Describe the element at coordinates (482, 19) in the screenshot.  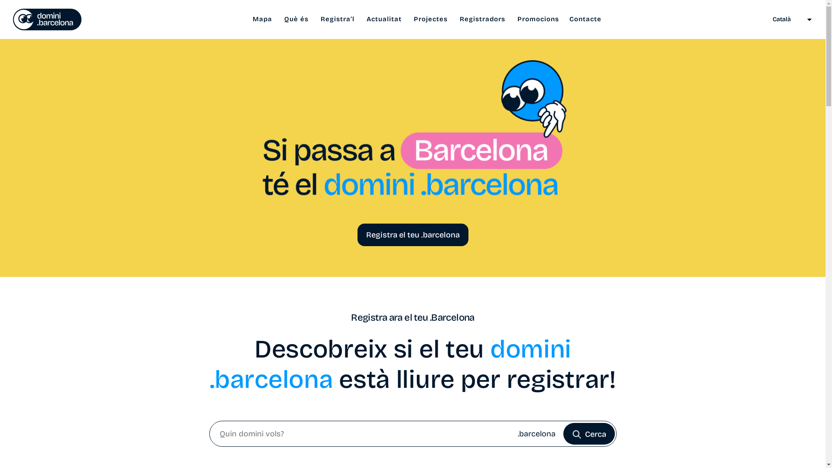
I see `'Registradors'` at that location.